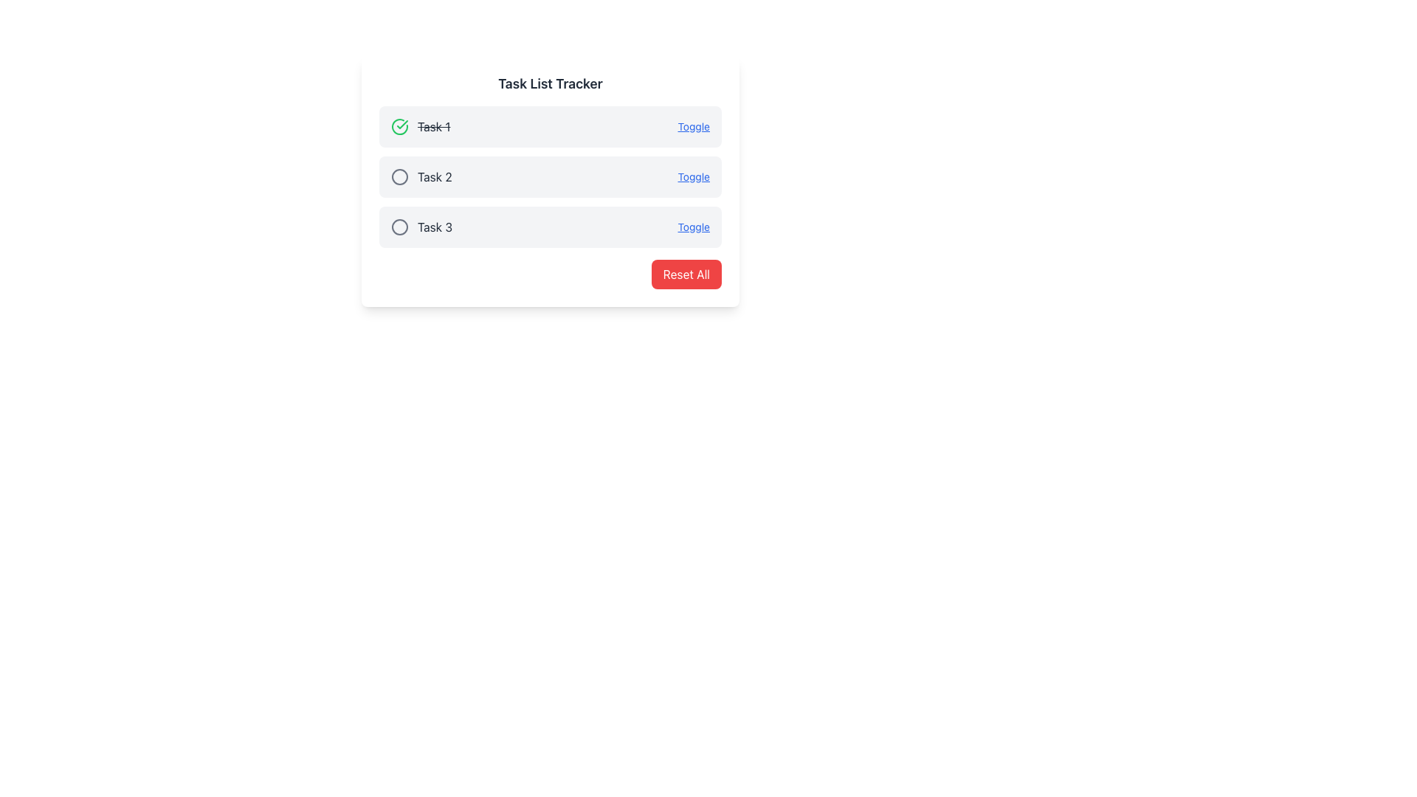 This screenshot has width=1417, height=797. What do you see at coordinates (400, 126) in the screenshot?
I see `the visual indicator icon that denotes 'Task 1' is completed, located at the beginning of the 'Task 1' line` at bounding box center [400, 126].